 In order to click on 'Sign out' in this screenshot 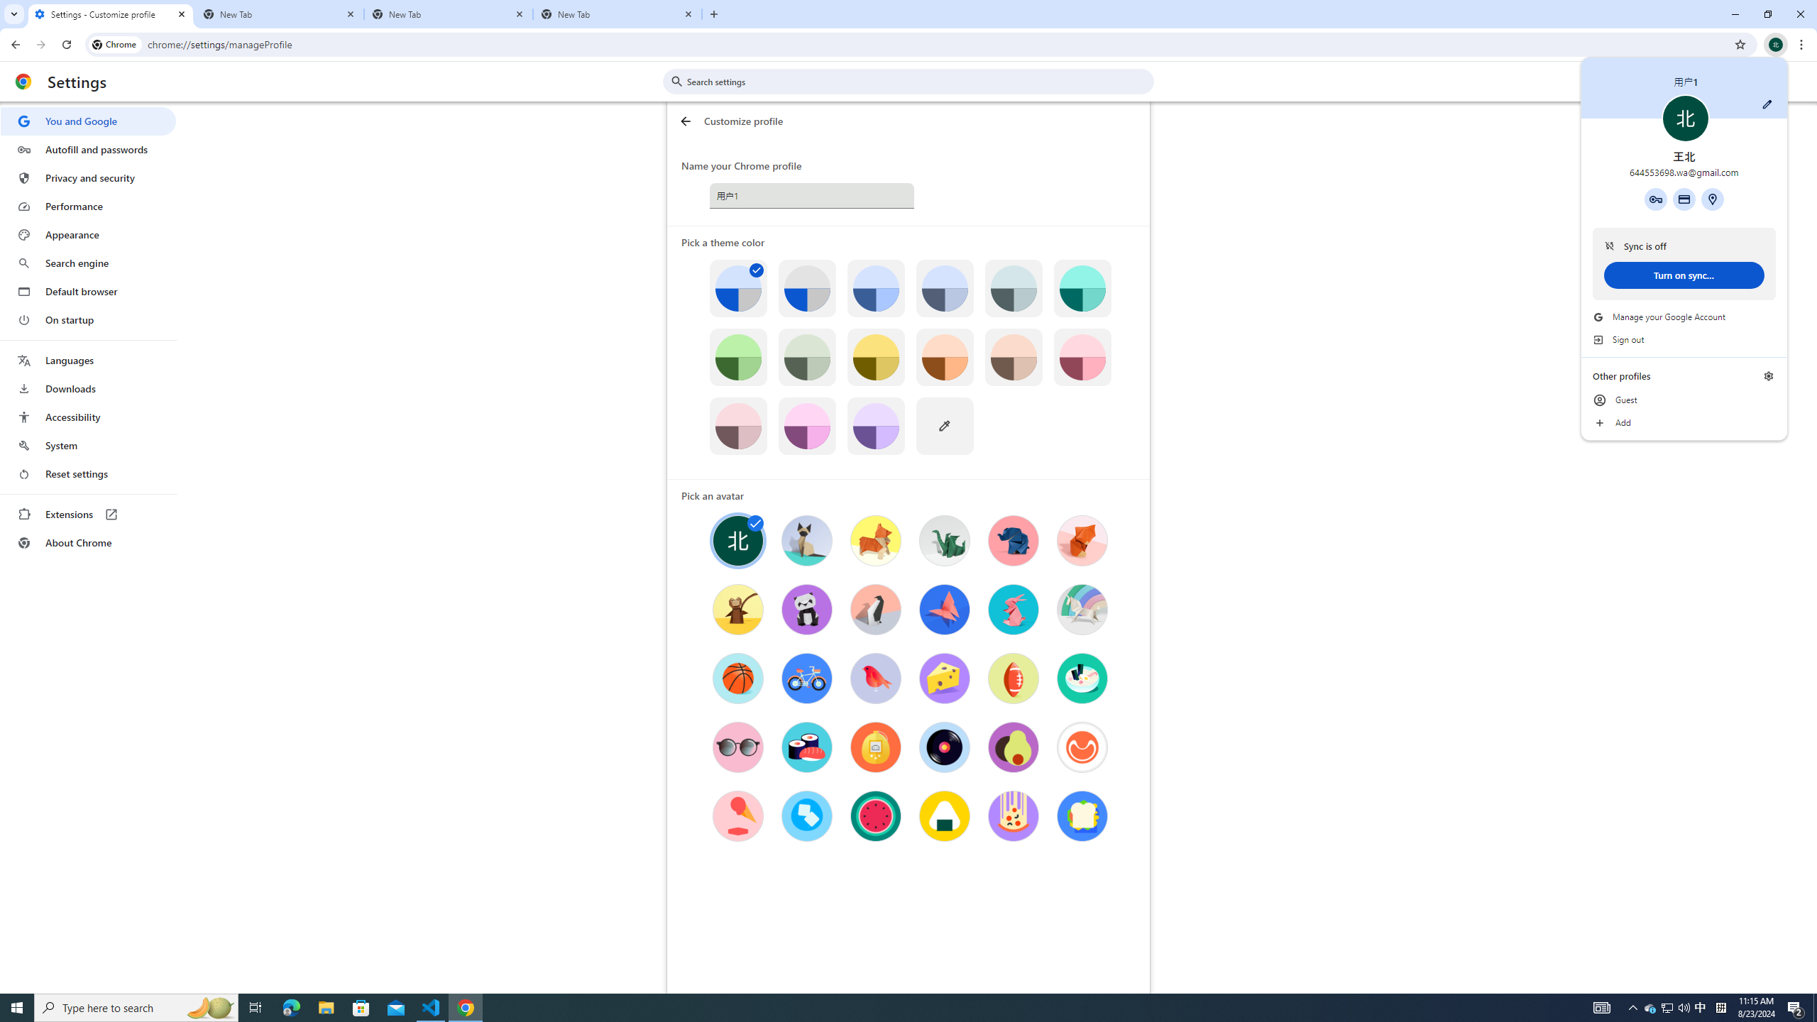, I will do `click(1684, 339)`.